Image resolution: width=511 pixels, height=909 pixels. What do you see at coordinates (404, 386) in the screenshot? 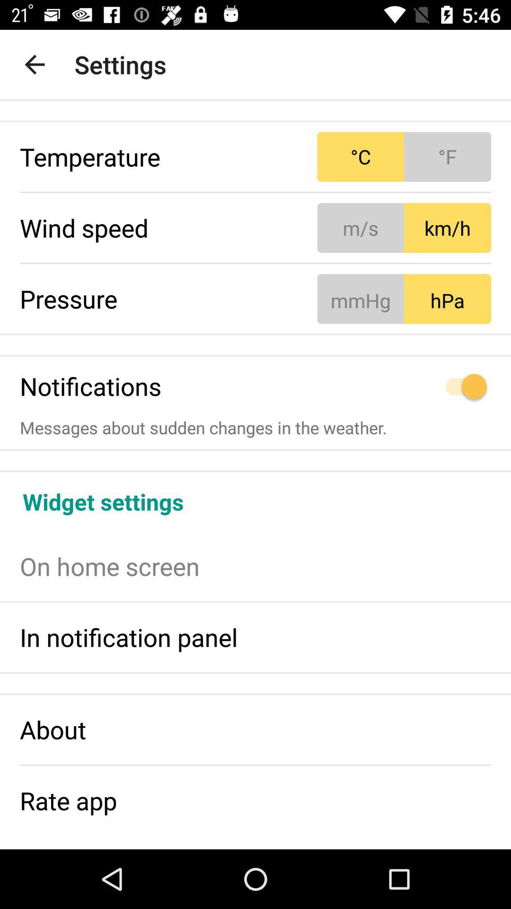
I see `the item next to notifications` at bounding box center [404, 386].